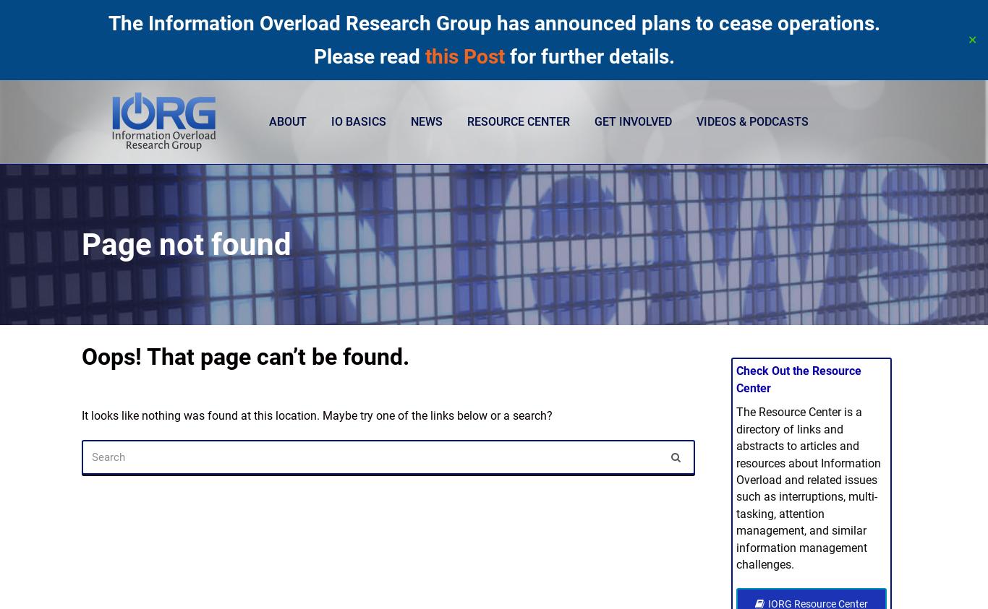 The width and height of the screenshot is (988, 609). What do you see at coordinates (316, 415) in the screenshot?
I see `'It looks like nothing was found at this location. Maybe try one of the links below or a search?'` at bounding box center [316, 415].